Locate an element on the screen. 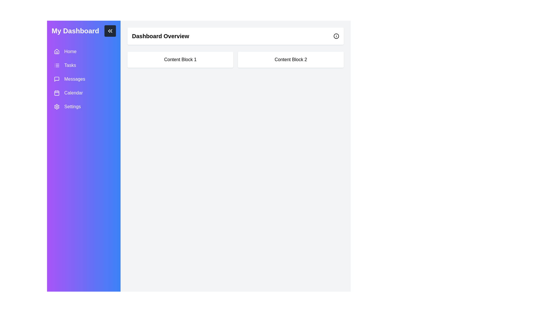 Image resolution: width=551 pixels, height=310 pixels. the square button with a dark gray background and a left-pointing double-chevron icon located in the top-right area of the sidebar is located at coordinates (110, 31).